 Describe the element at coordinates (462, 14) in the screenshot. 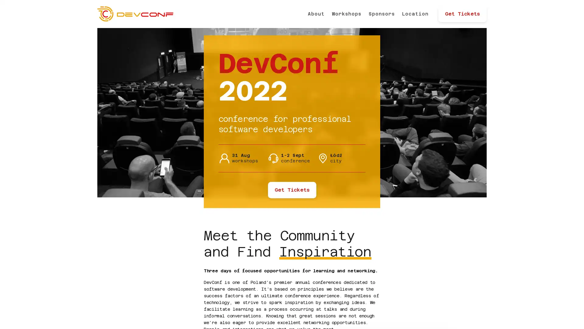

I see `Get Tickets` at that location.